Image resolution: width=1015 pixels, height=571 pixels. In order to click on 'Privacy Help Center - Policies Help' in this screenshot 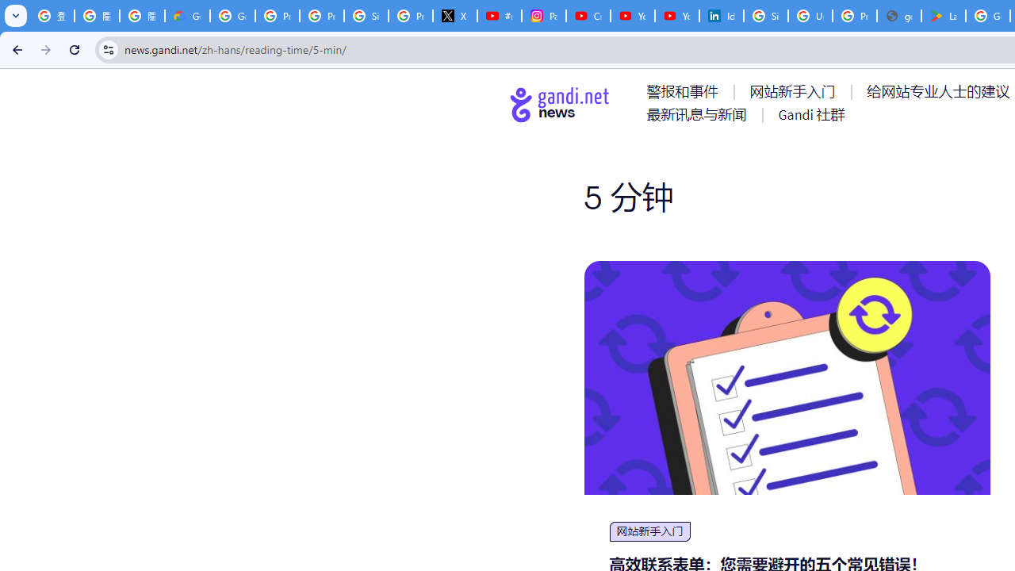, I will do `click(320, 16)`.